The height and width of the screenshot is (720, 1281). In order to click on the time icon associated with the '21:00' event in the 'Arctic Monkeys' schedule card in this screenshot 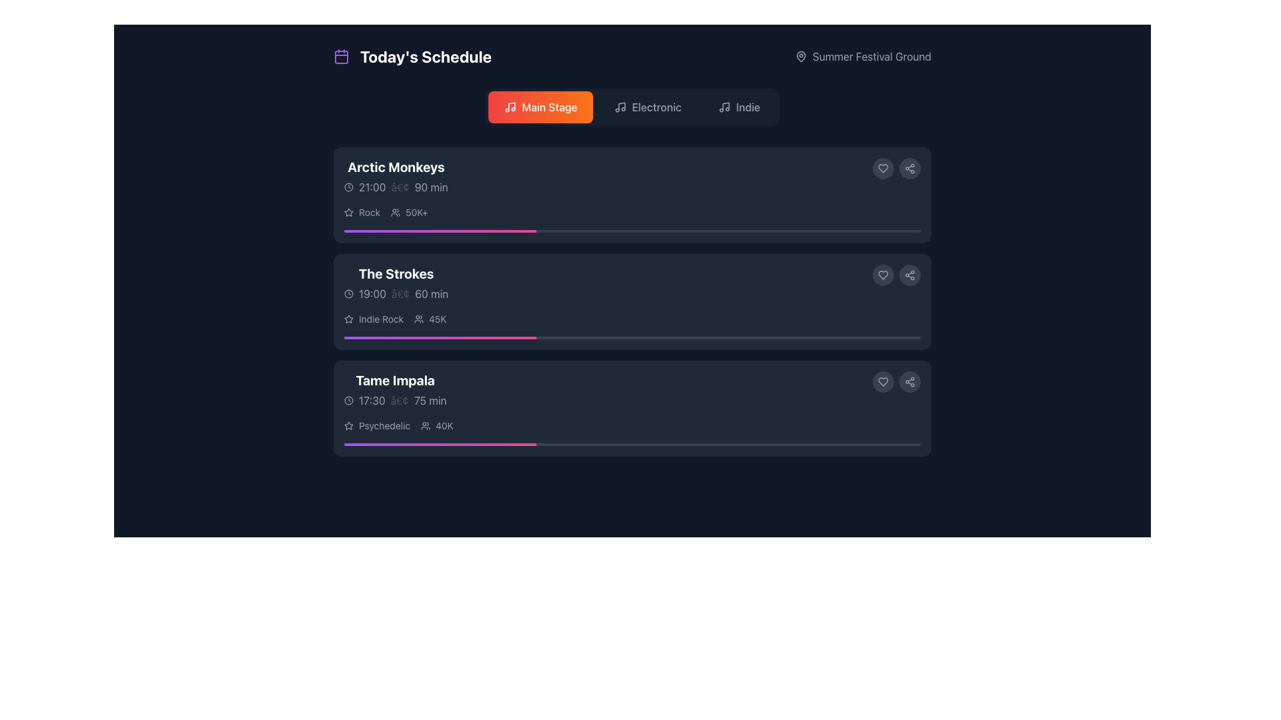, I will do `click(349, 187)`.